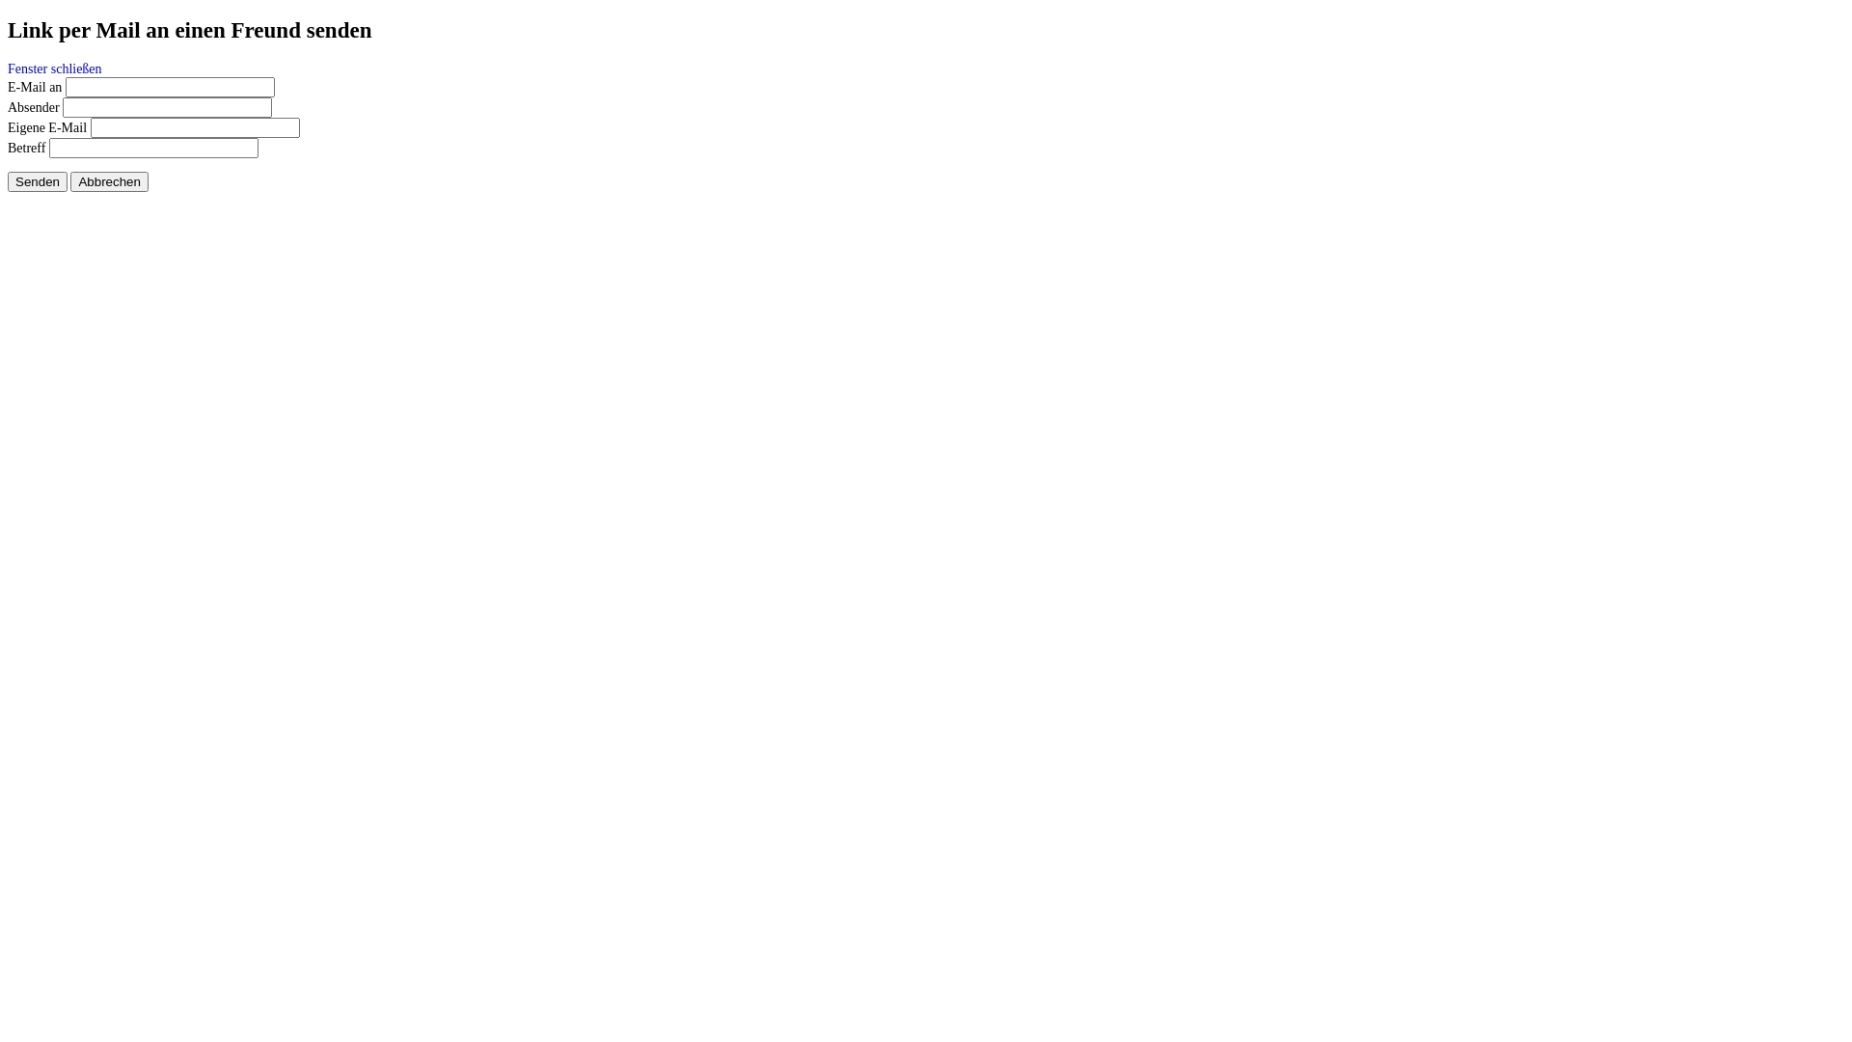 This screenshot has width=1852, height=1042. What do you see at coordinates (108, 181) in the screenshot?
I see `'Abbrechen'` at bounding box center [108, 181].